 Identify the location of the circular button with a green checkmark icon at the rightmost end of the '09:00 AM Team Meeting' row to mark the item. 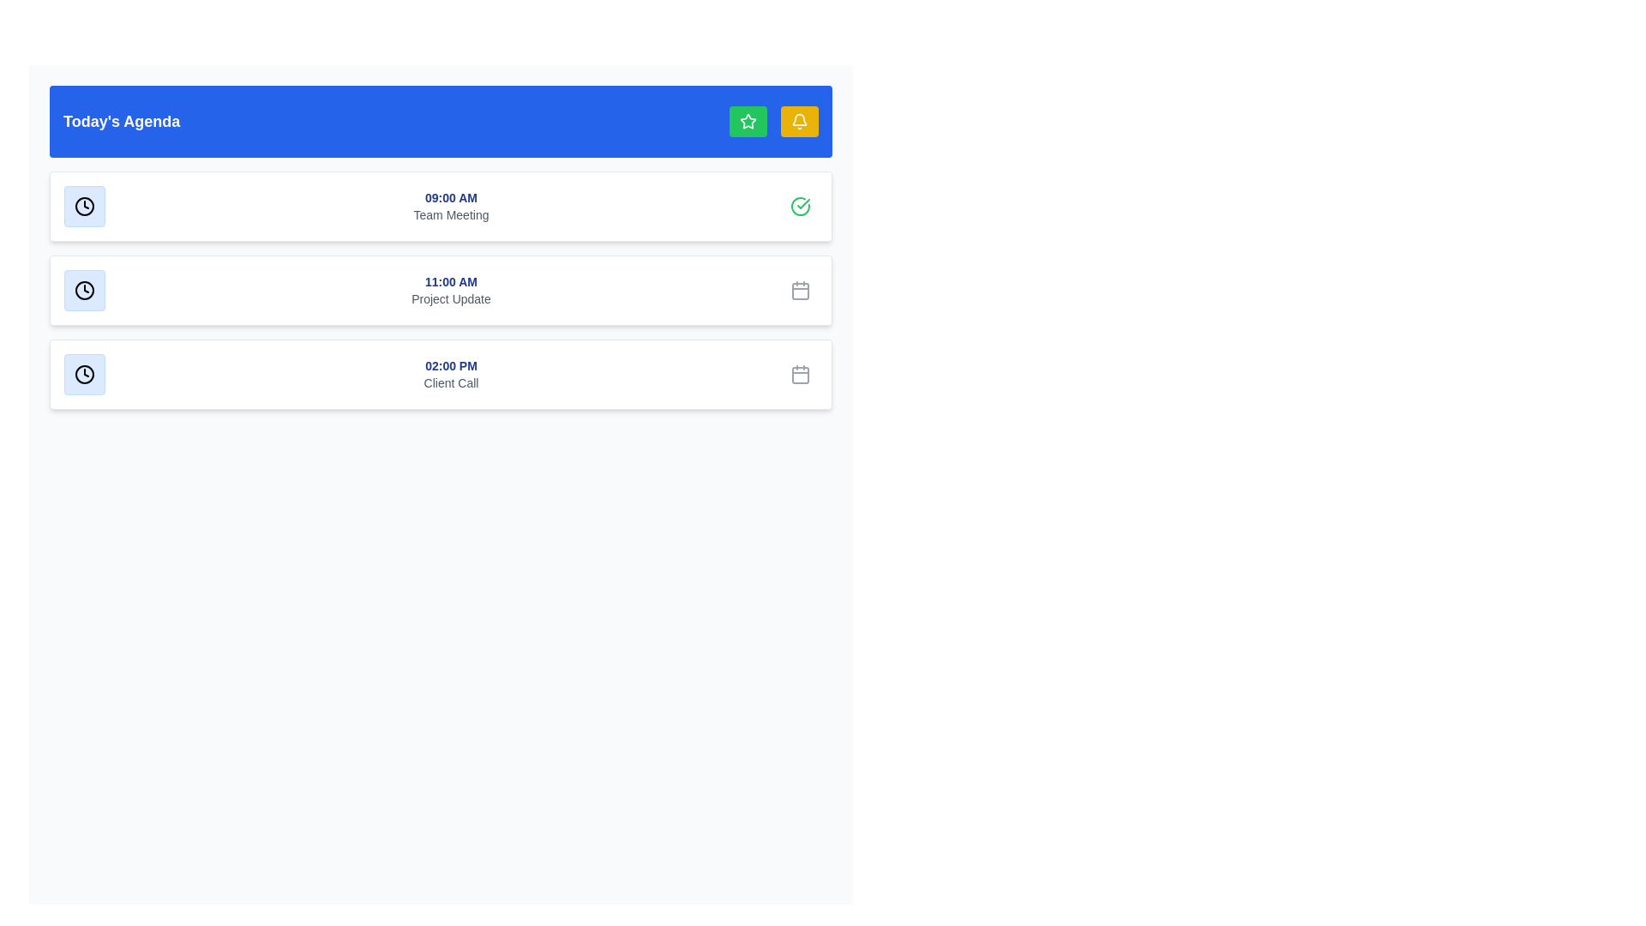
(800, 205).